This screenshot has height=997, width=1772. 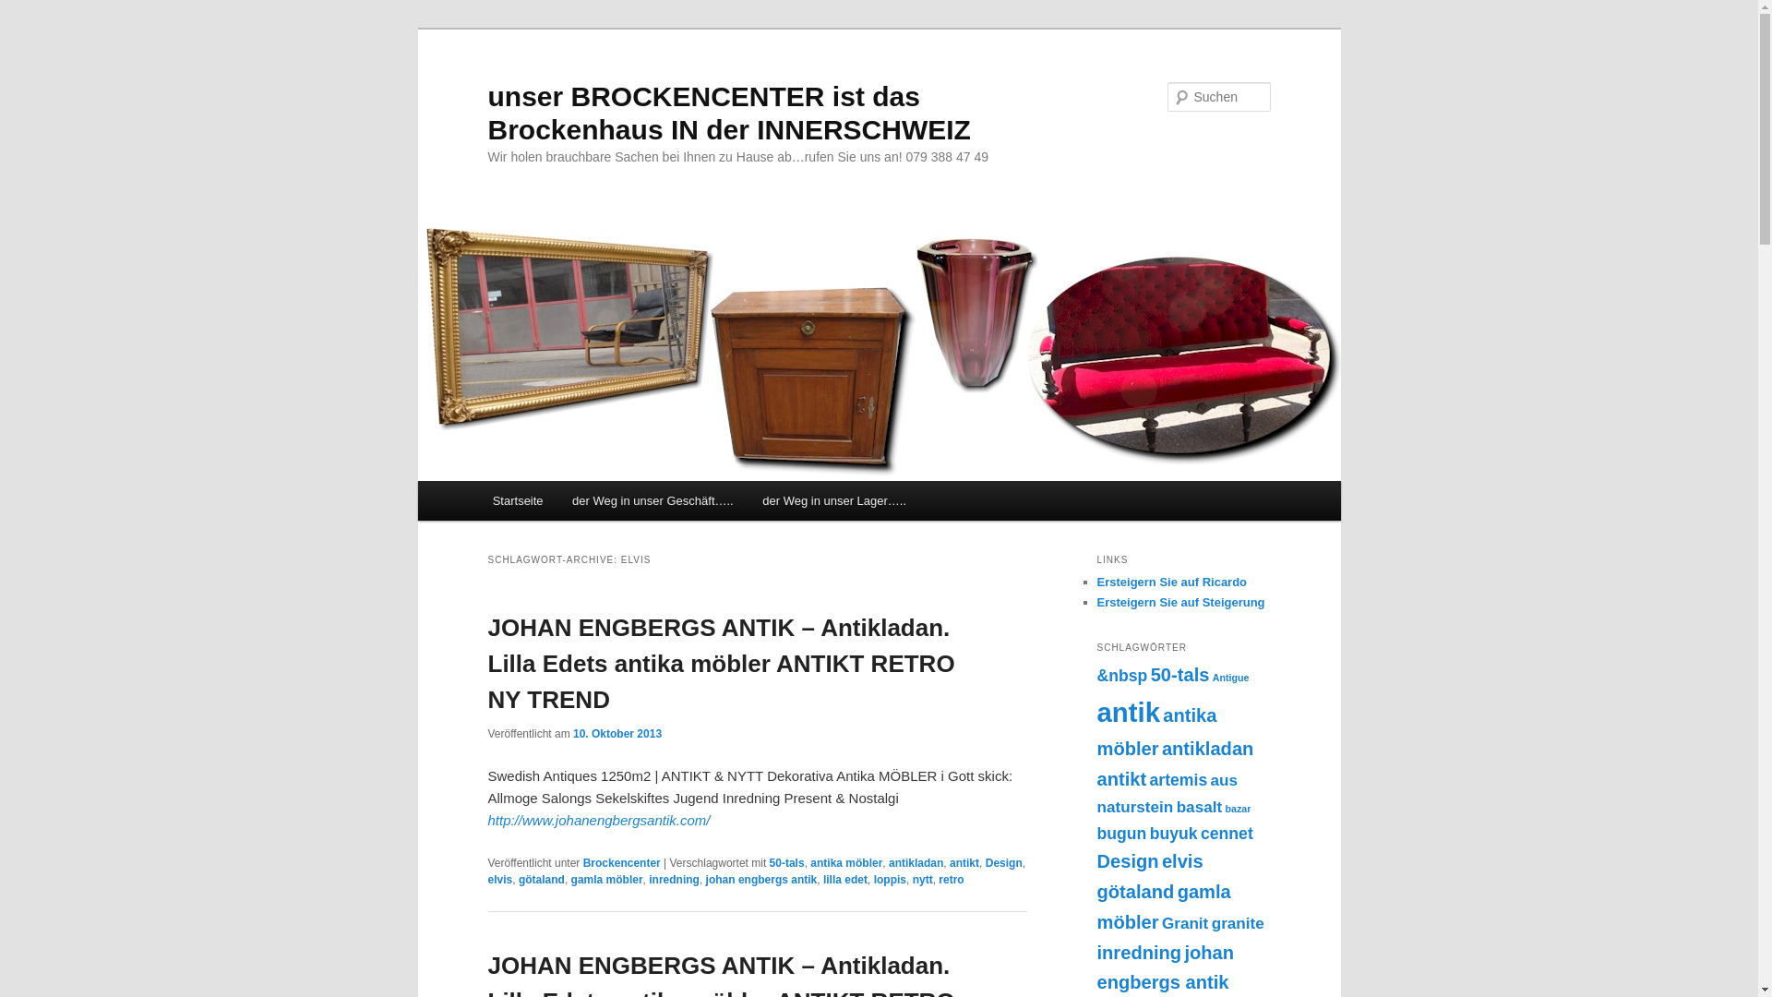 I want to click on 'Design', so click(x=1003, y=862).